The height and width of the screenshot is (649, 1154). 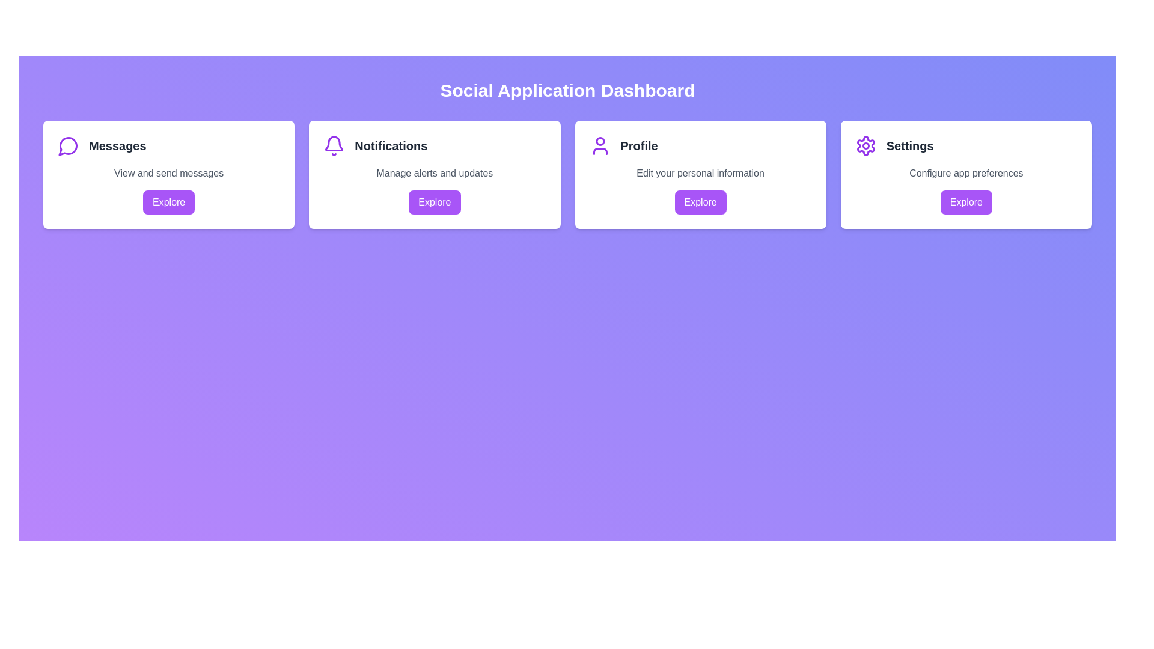 I want to click on the static text element that reads 'Configure app preferences', which is styled in gray and positioned beneath the 'Settings' header in the card layout, so click(x=966, y=174).